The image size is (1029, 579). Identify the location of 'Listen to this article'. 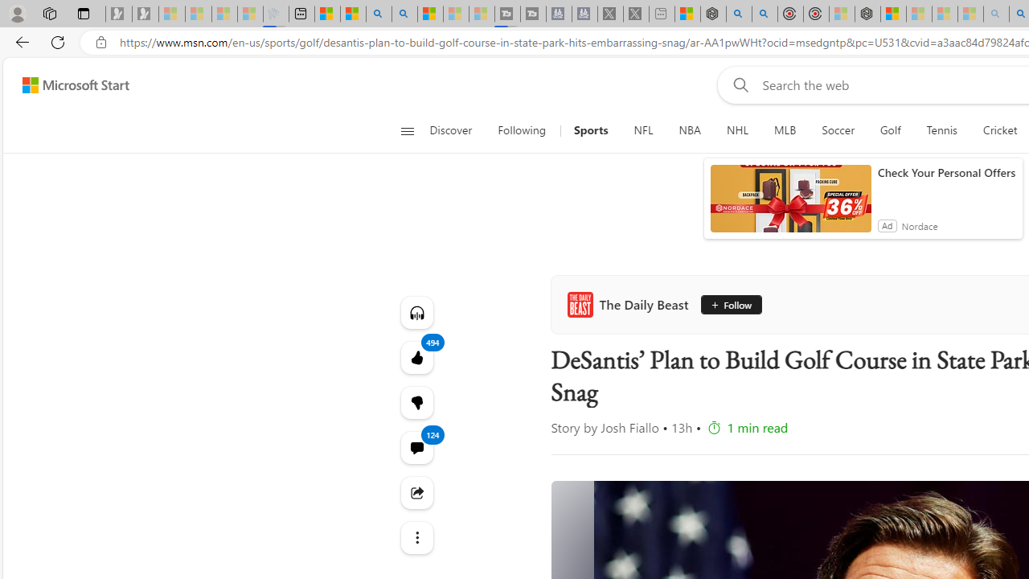
(416, 312).